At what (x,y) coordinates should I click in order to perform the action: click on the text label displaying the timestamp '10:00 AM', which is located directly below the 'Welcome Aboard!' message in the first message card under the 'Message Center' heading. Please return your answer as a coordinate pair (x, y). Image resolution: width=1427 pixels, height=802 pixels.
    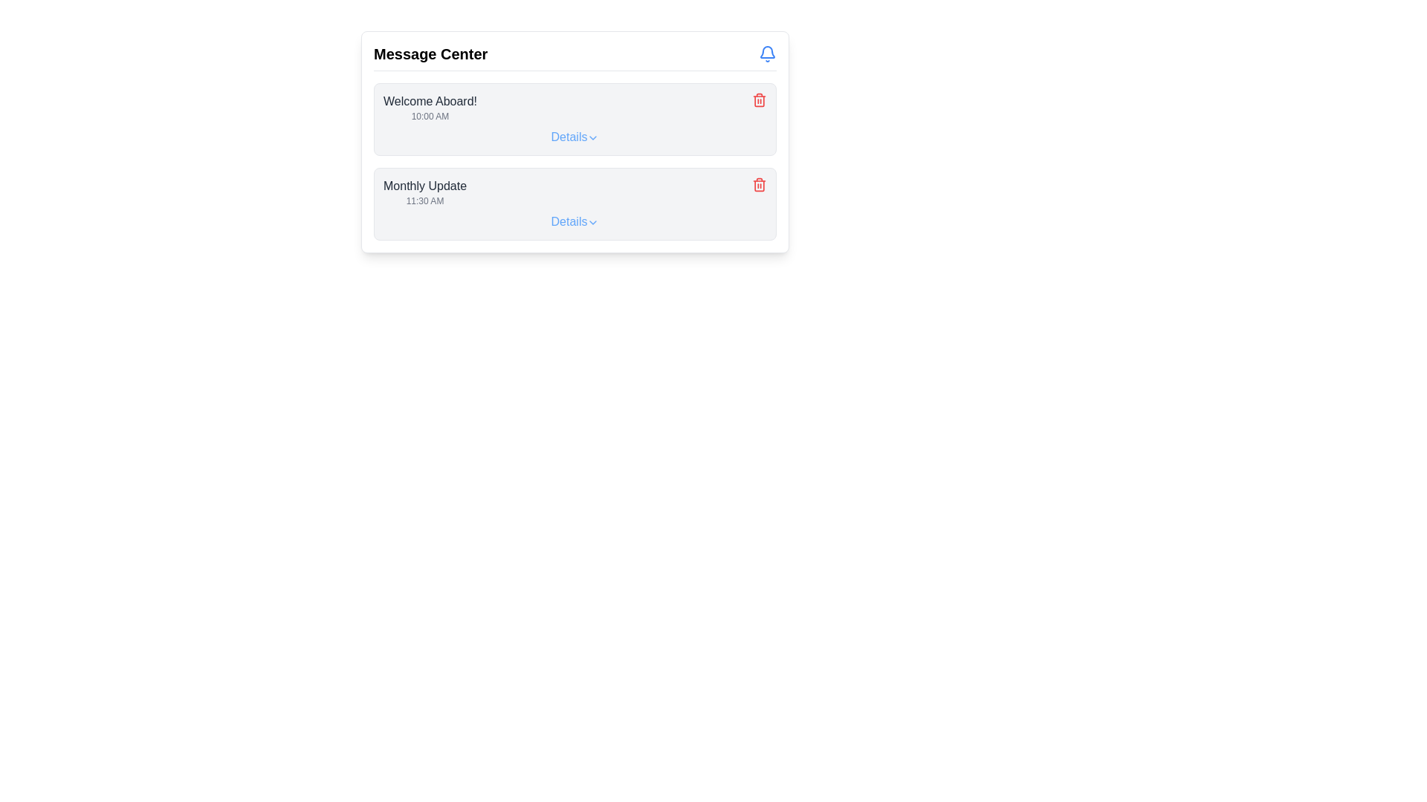
    Looking at the image, I should click on (430, 116).